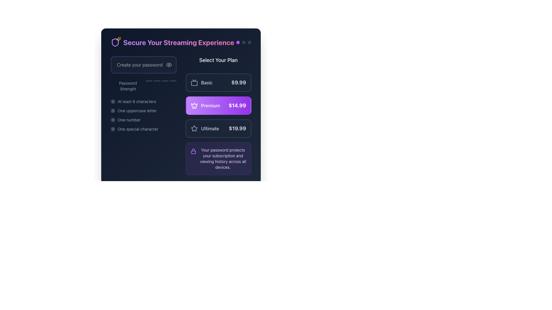 The width and height of the screenshot is (552, 310). Describe the element at coordinates (194, 83) in the screenshot. I see `the primary rectangular body of the television icon, which is a modern SVG graphic with rounded corners, located in the 'Select Your Plan' section next to the 'Basic $9.99' text option` at that location.